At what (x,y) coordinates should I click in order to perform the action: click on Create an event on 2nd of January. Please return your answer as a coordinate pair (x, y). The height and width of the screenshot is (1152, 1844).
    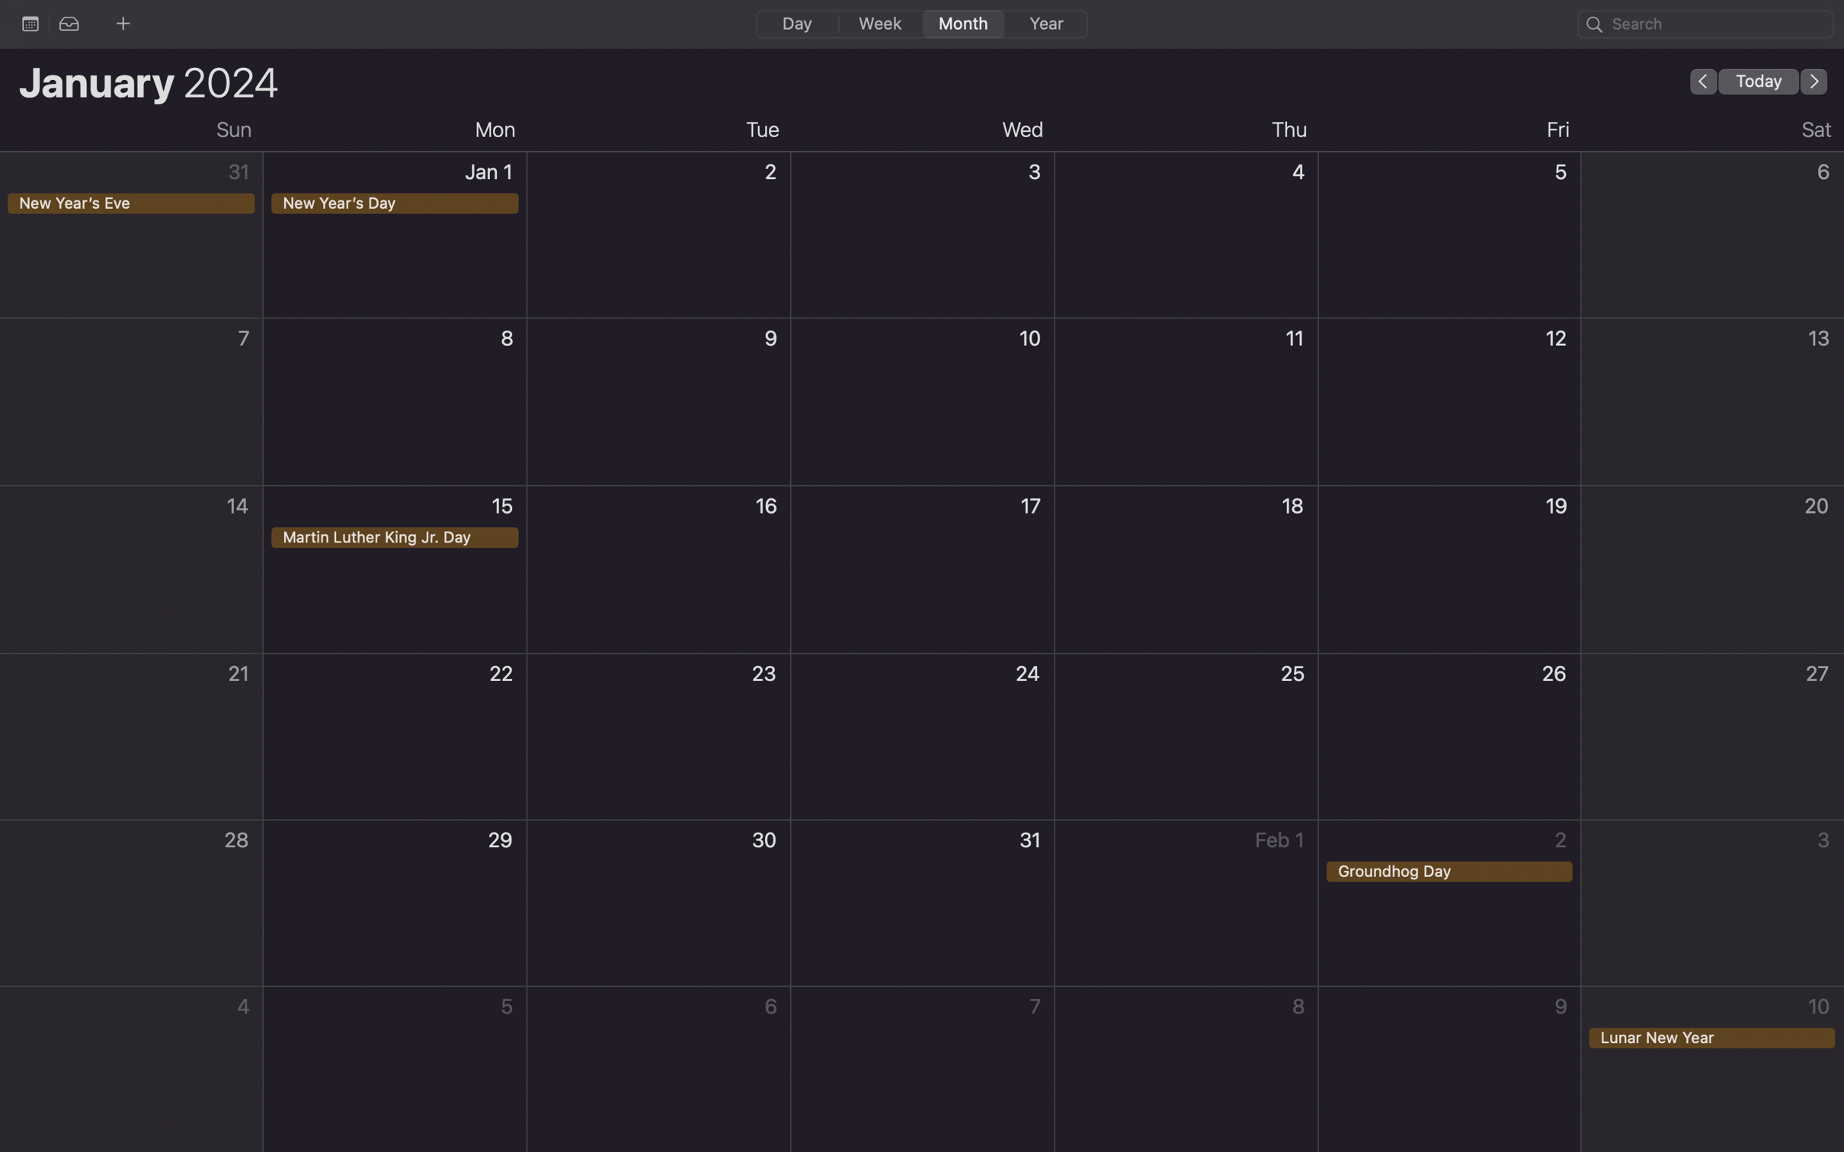
    Looking at the image, I should click on (659, 240).